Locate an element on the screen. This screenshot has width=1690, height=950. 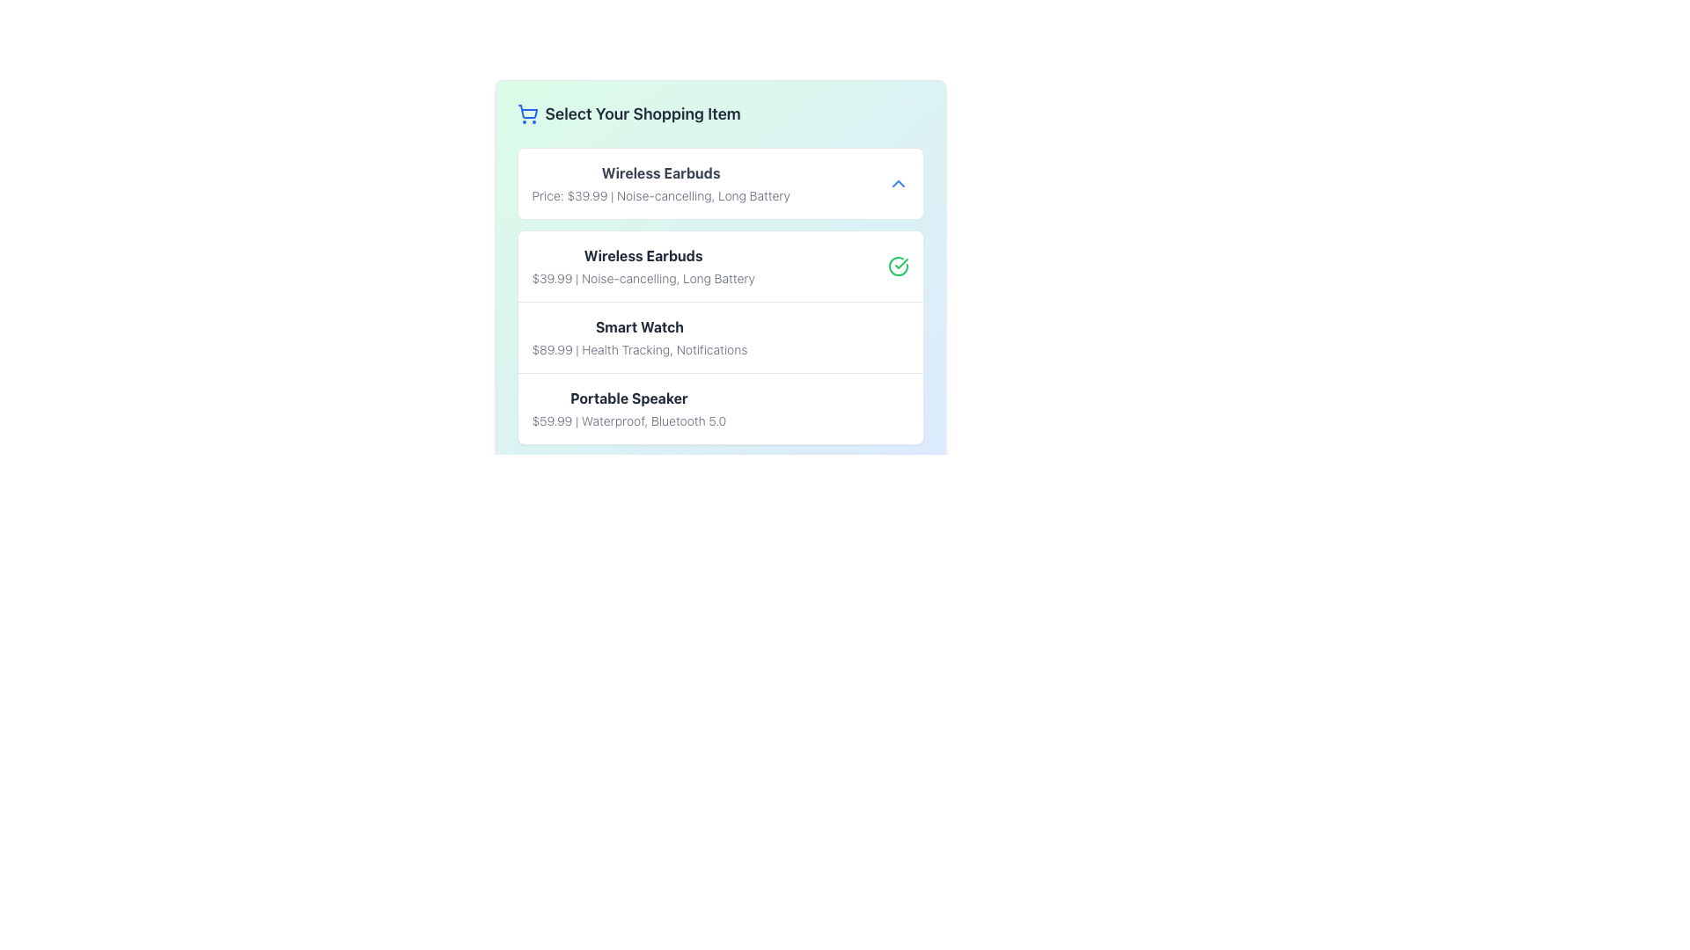
the product description text block located on the second row of the vertically-stacked product list is located at coordinates (643, 267).